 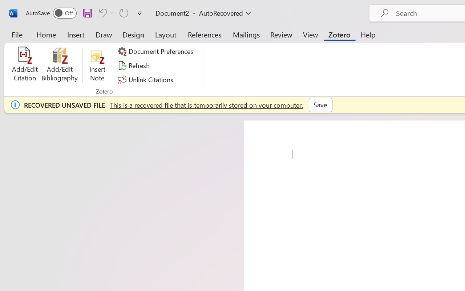 I want to click on 'Help', so click(x=368, y=34).